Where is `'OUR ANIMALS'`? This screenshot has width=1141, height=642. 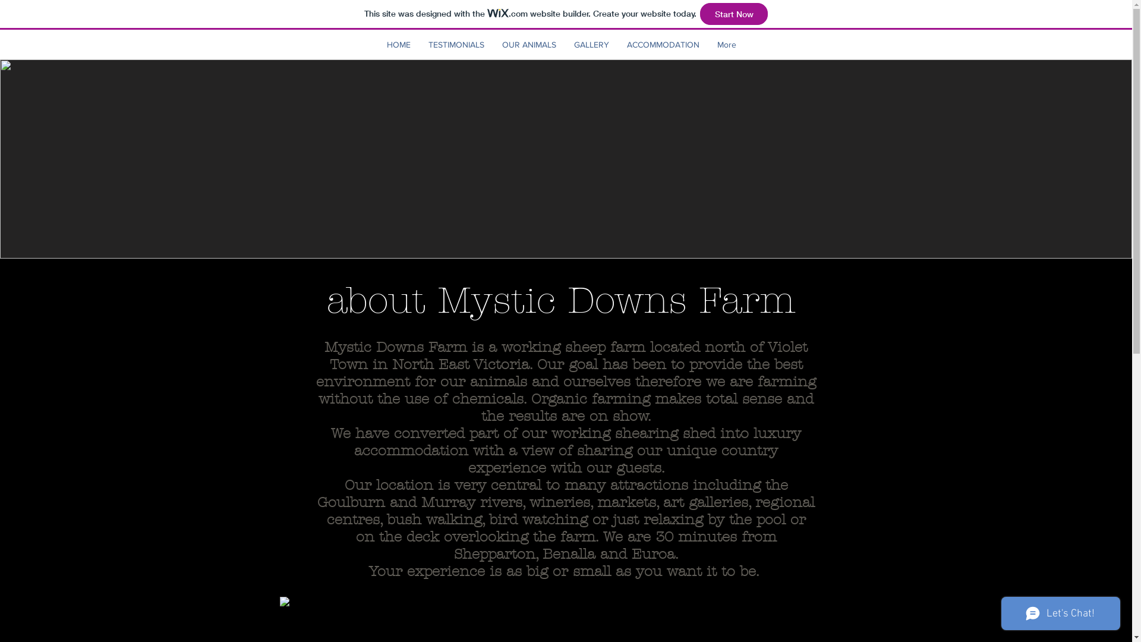 'OUR ANIMALS' is located at coordinates (528, 43).